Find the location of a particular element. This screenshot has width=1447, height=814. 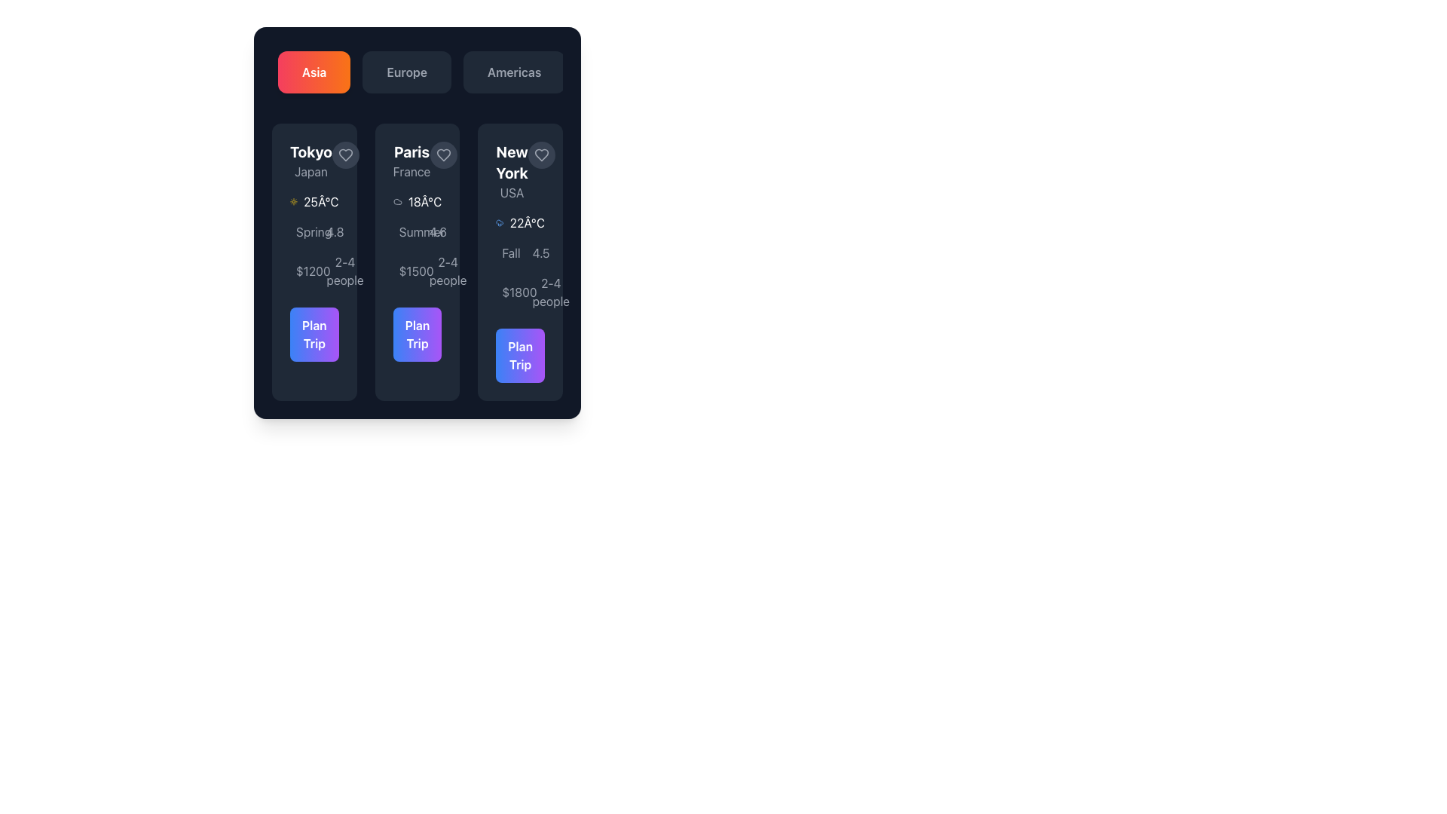

the non-interactive price label indicating the travel package price for Paris, France, located between the season description 'Summer' and the group size indicator '2-4 people' is located at coordinates (416, 270).